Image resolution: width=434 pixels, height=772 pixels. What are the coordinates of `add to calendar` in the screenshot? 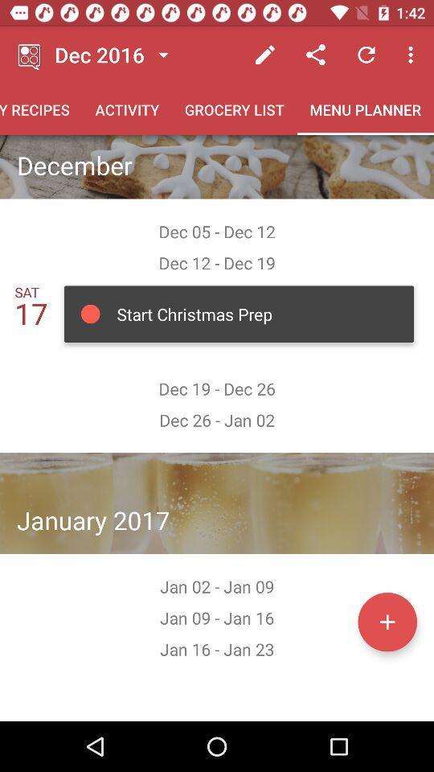 It's located at (387, 621).